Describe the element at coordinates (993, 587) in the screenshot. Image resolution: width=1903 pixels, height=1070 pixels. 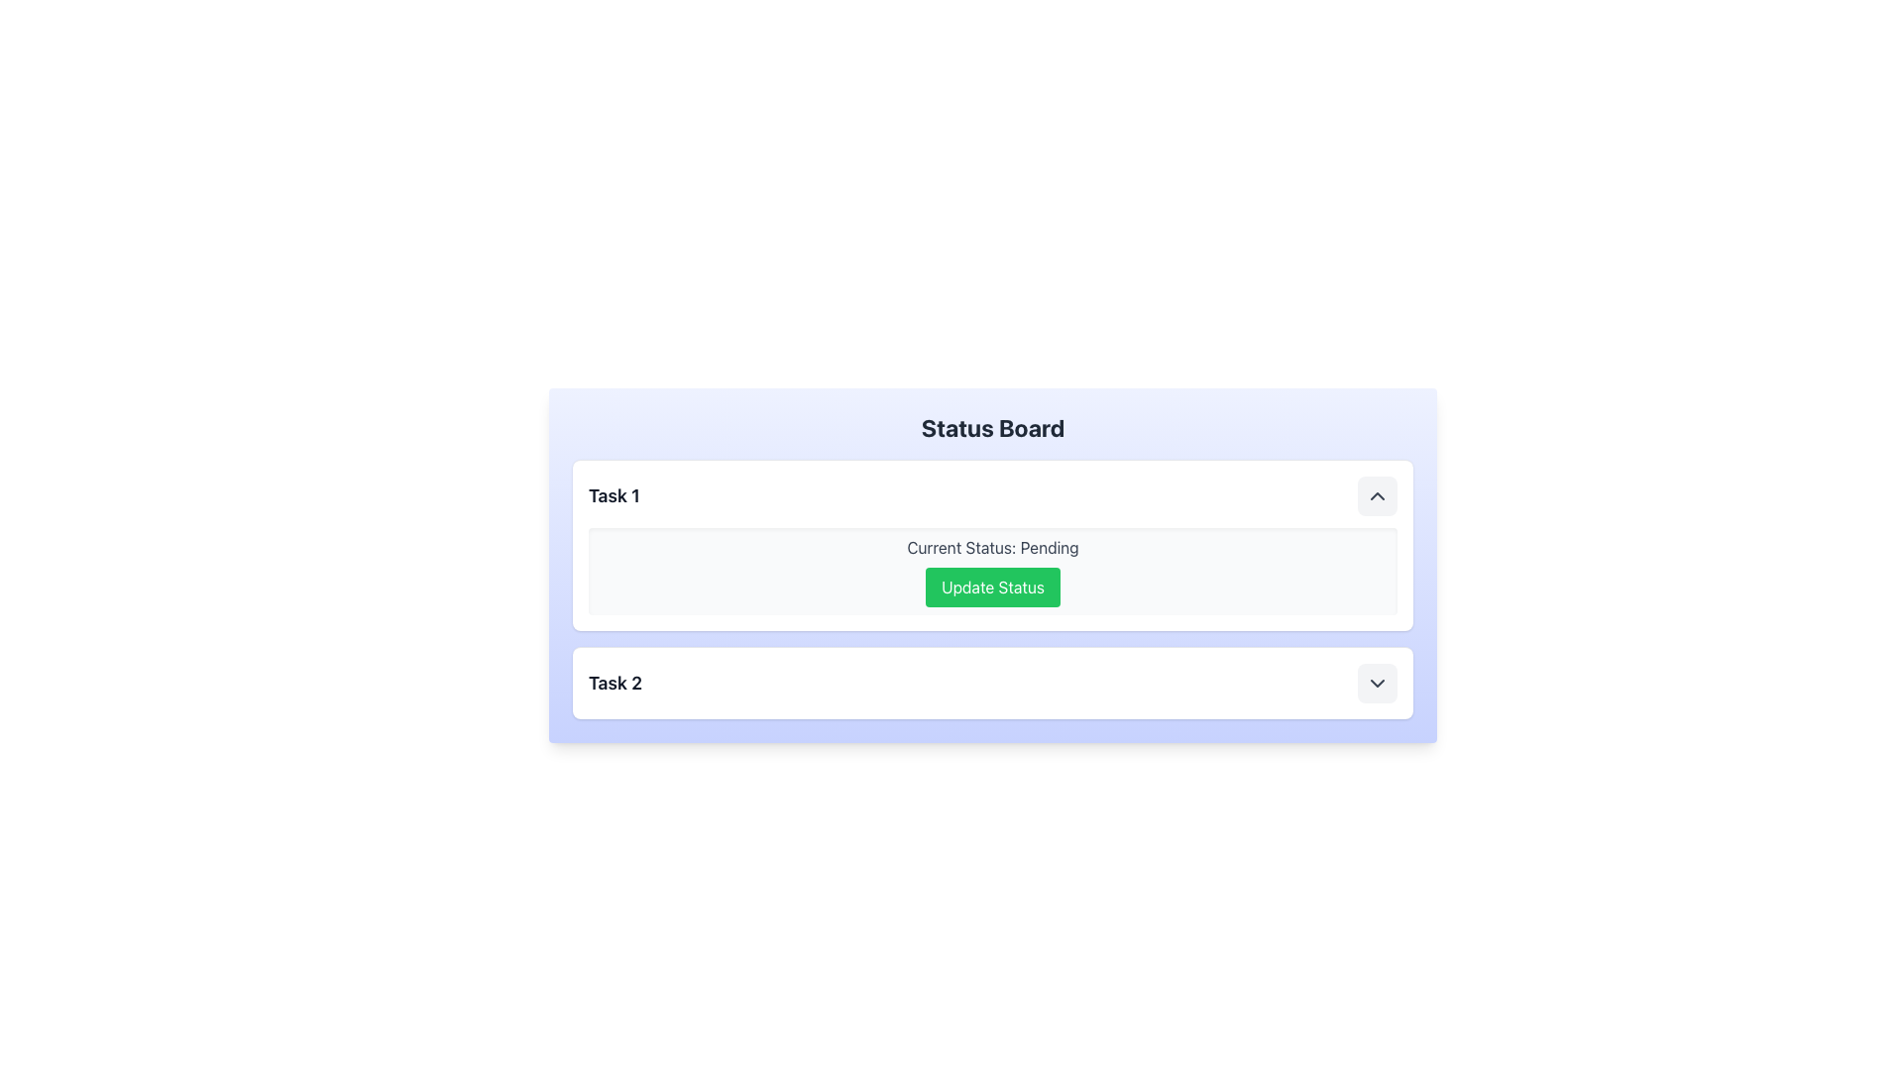
I see `the rectangular button with a green background and white text labeled 'Update Status' located centrally below the 'Current Status: Pending' text in the 'Task 1' section to update the status` at that location.